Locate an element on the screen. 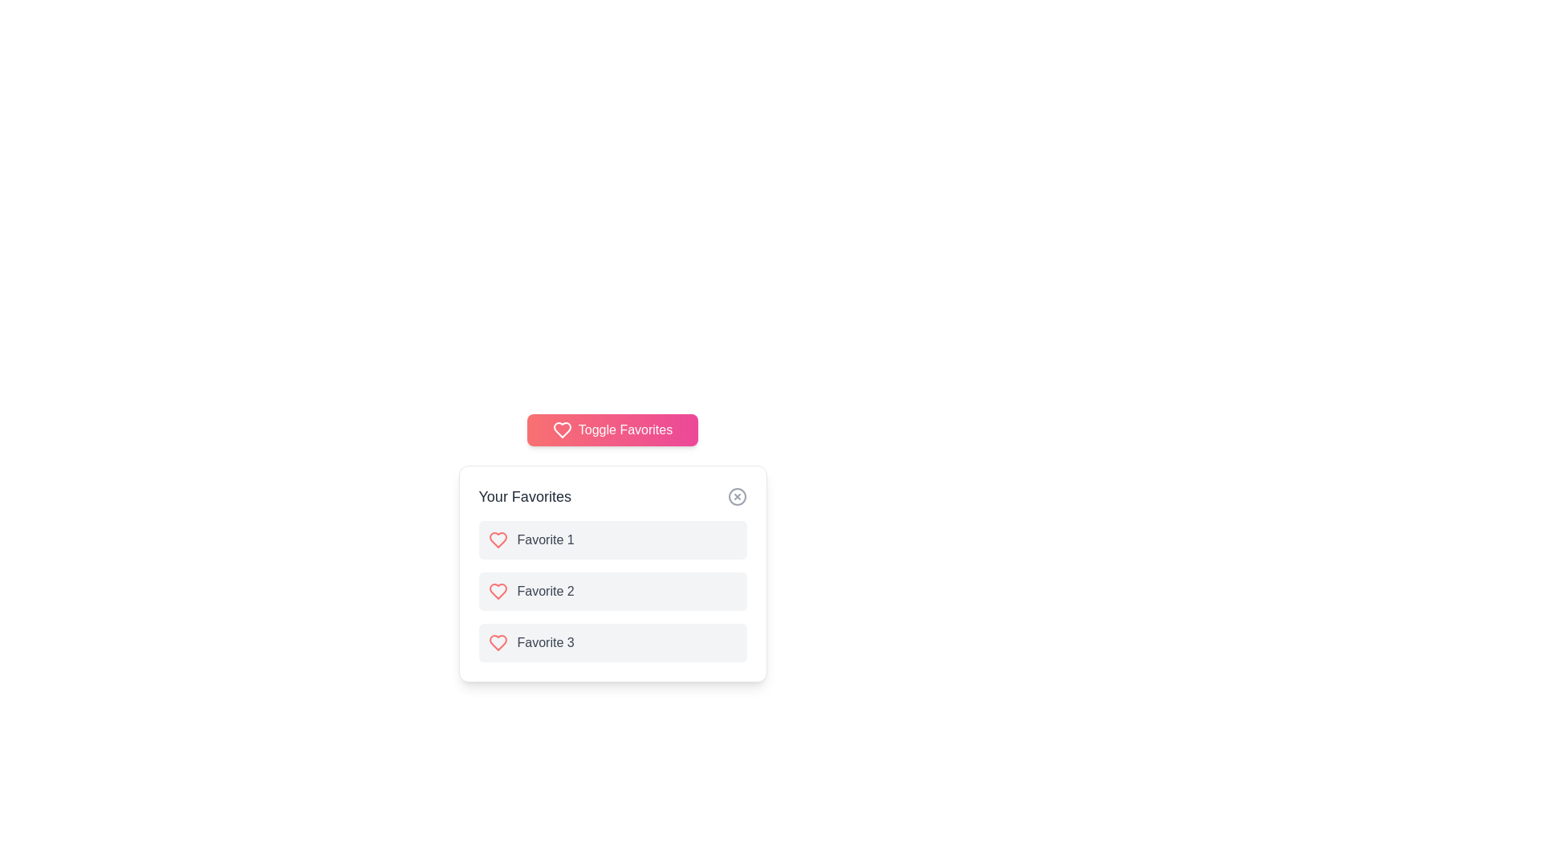 This screenshot has height=867, width=1541. the circular 'X' button located on the rightmost side of the 'Your Favorites' header, styled with a thin border and gray color is located at coordinates (736, 495).